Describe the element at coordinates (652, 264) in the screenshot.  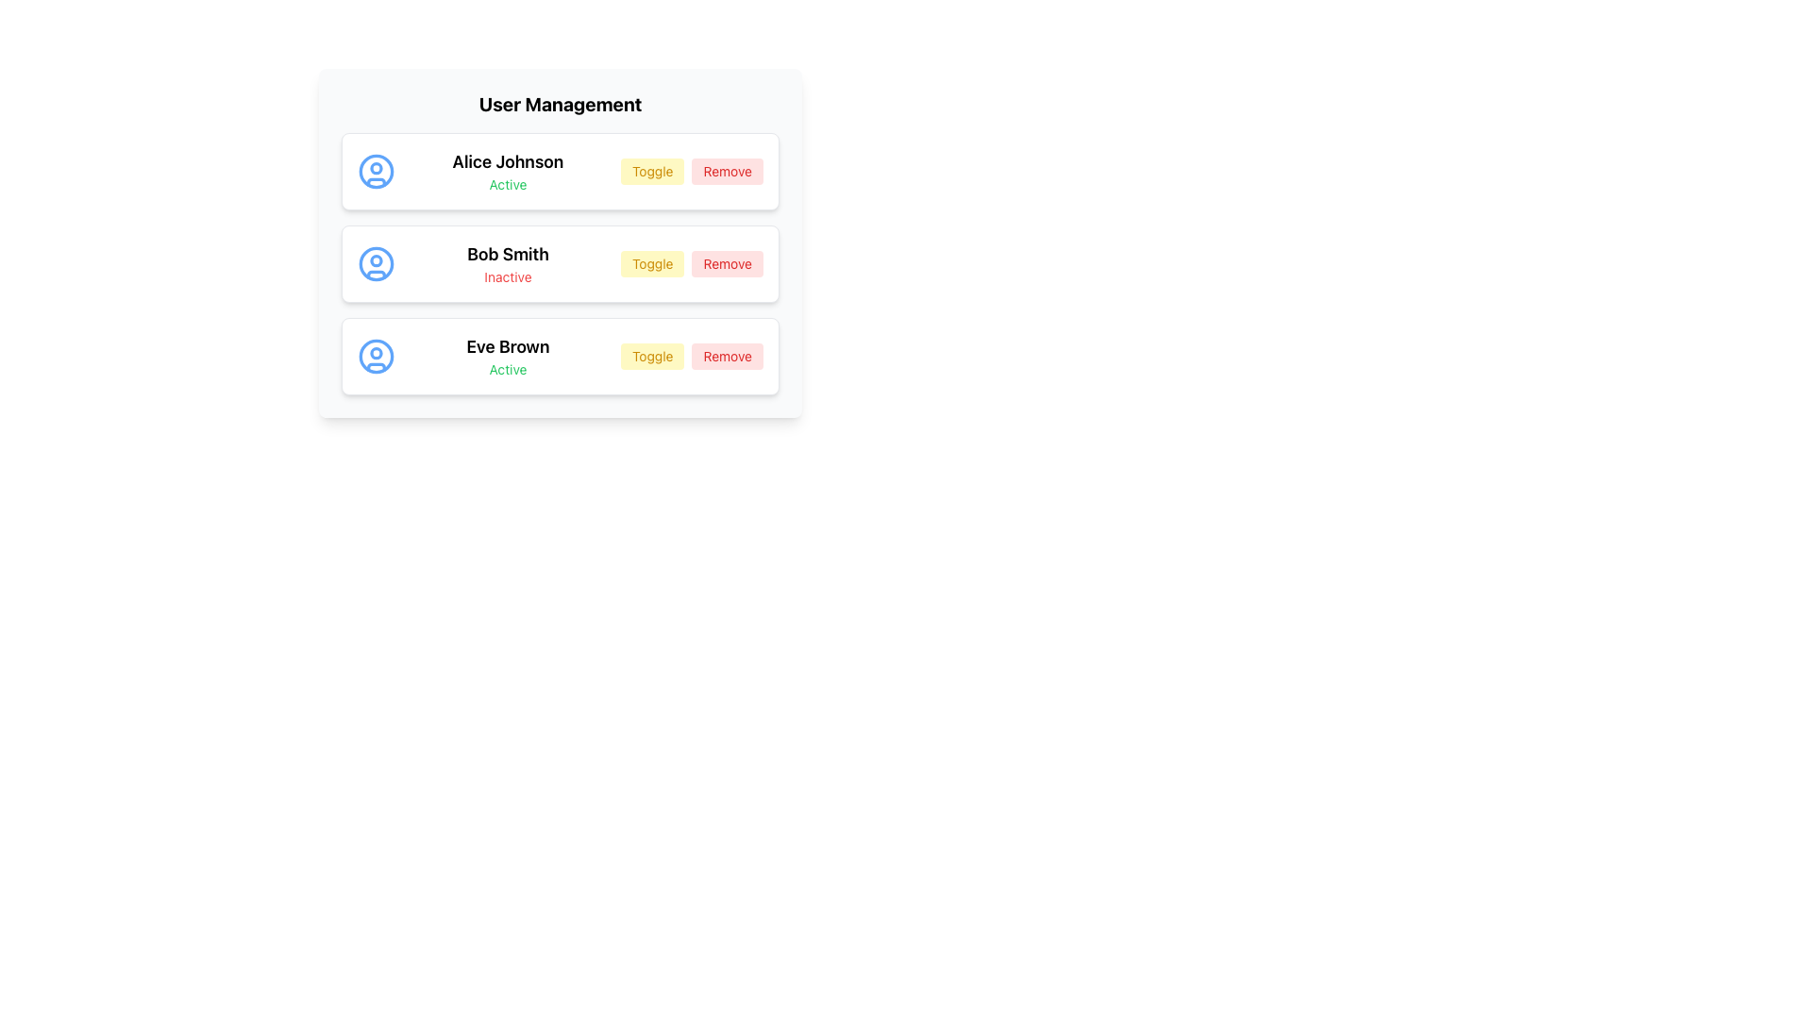
I see `the button` at that location.